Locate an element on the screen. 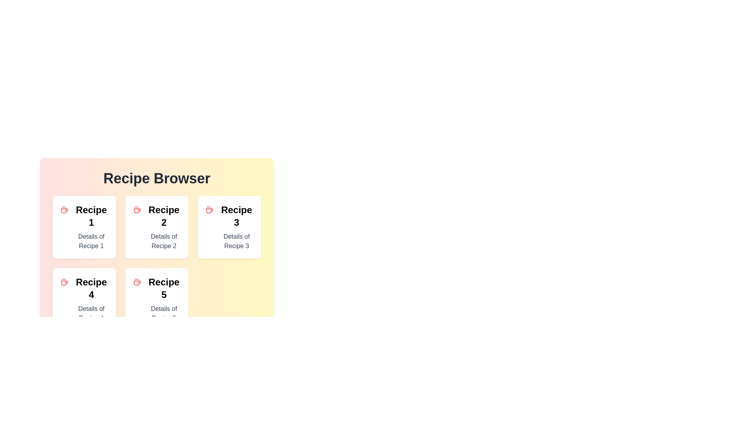 Image resolution: width=755 pixels, height=424 pixels. the Heading or Label that serves as the title for the first recipe card in the grid layout is located at coordinates (91, 216).